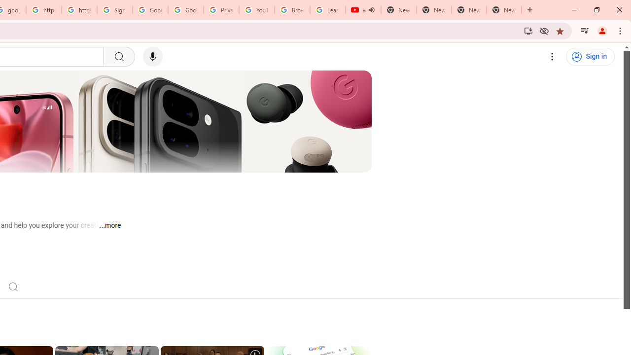 This screenshot has height=355, width=631. What do you see at coordinates (528, 30) in the screenshot?
I see `'Install YouTube'` at bounding box center [528, 30].